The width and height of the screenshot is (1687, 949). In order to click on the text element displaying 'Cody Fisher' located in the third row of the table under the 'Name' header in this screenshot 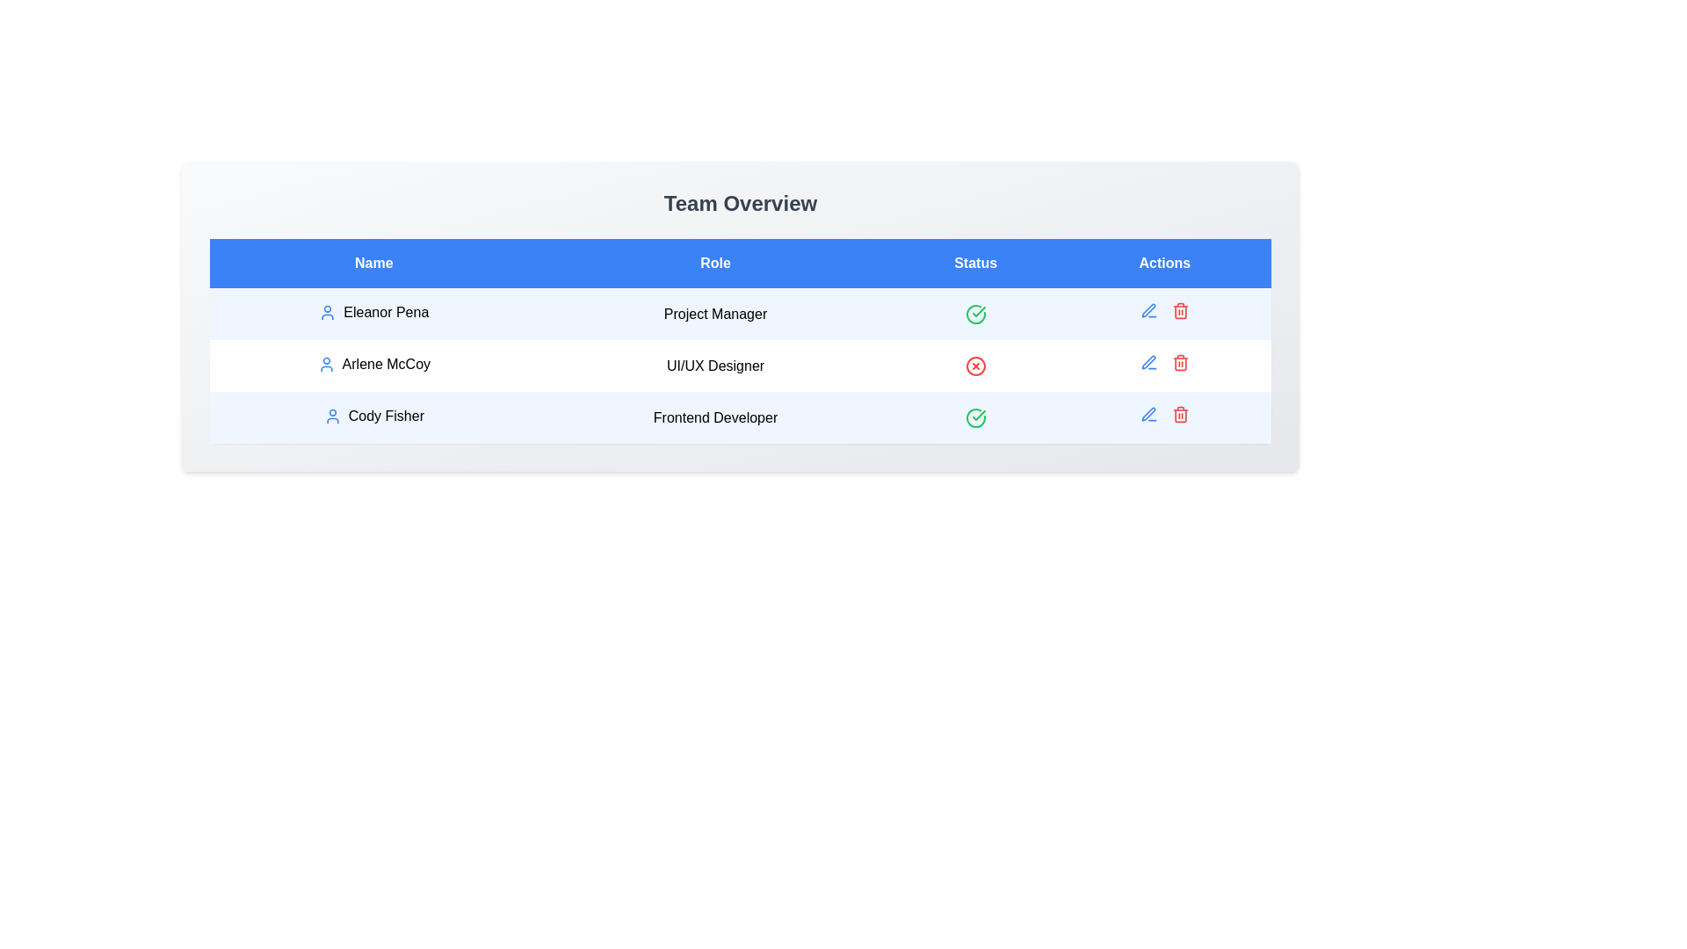, I will do `click(373, 417)`.